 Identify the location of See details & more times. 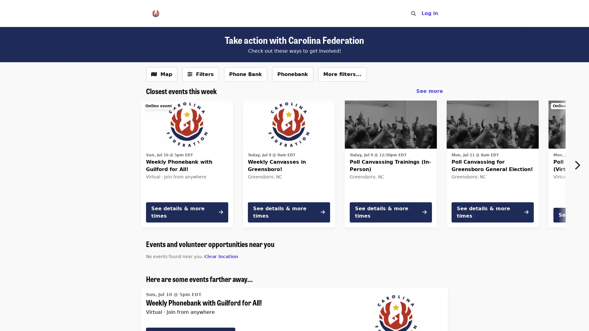
(288, 211).